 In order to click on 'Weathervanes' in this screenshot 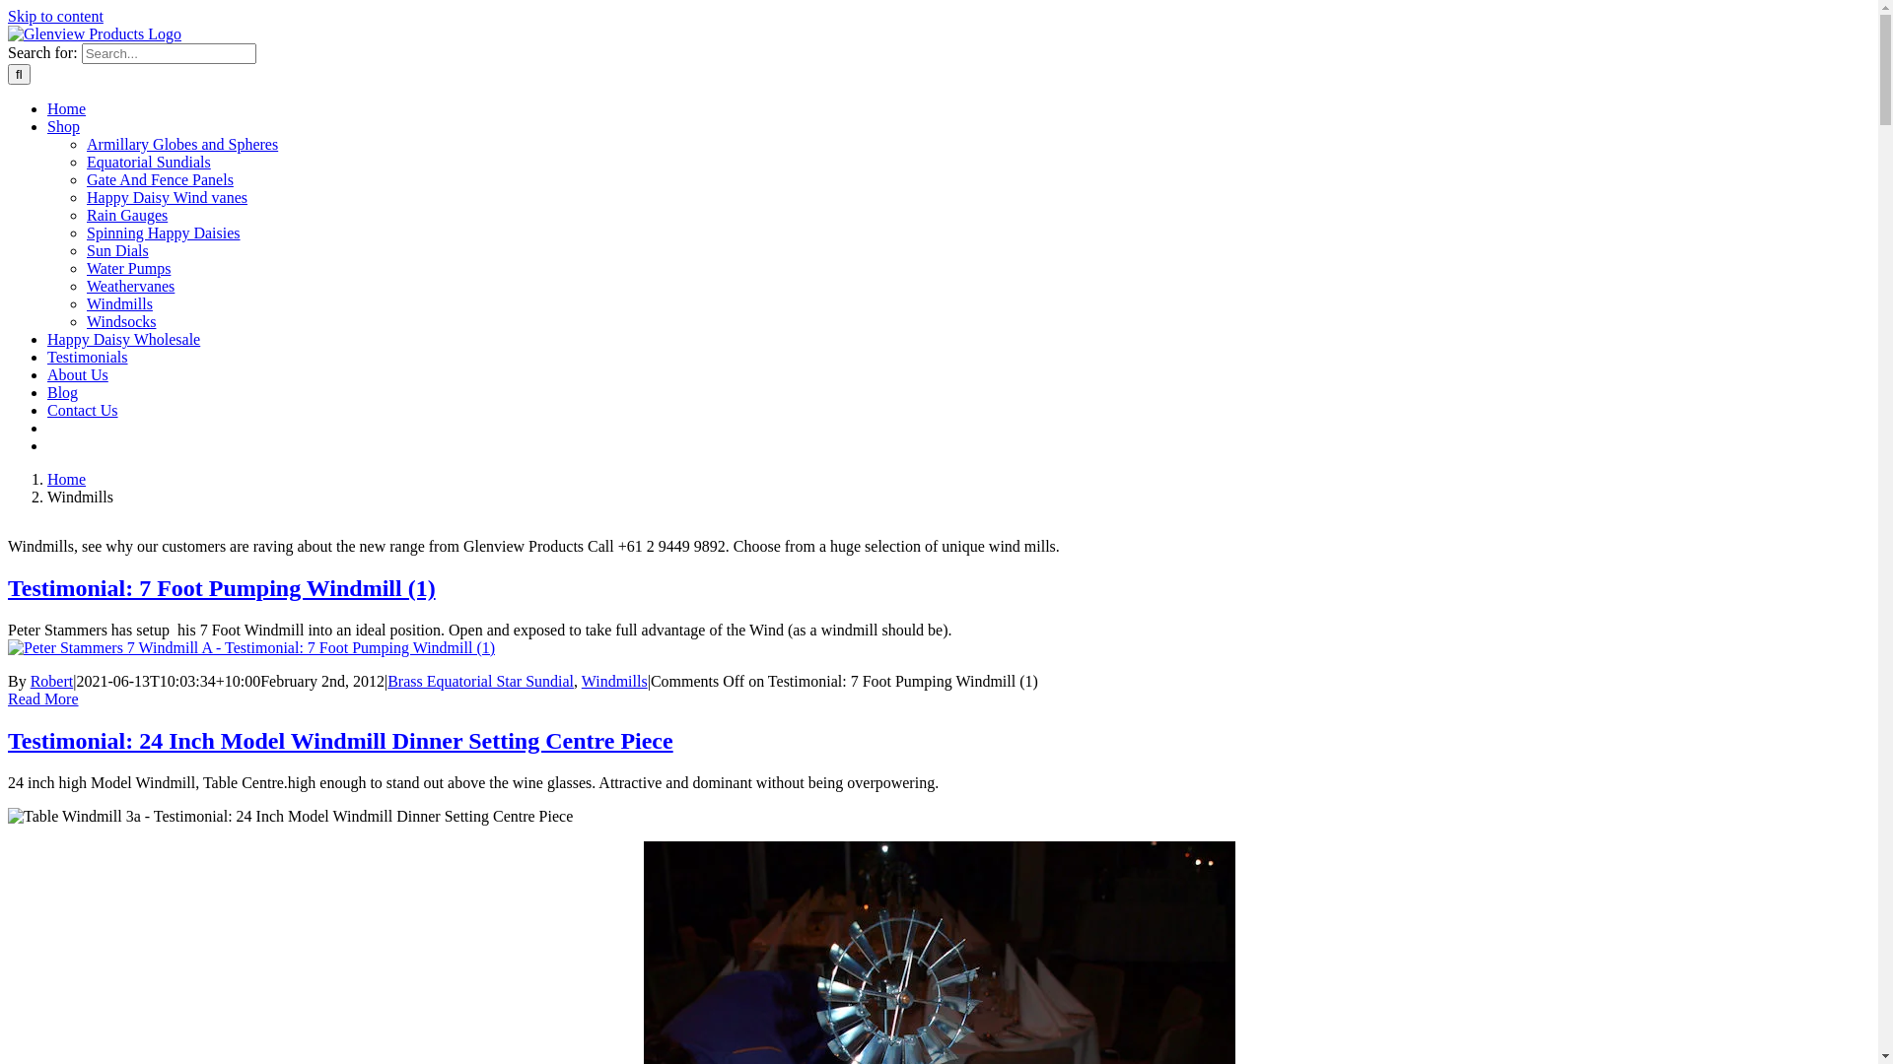, I will do `click(129, 286)`.